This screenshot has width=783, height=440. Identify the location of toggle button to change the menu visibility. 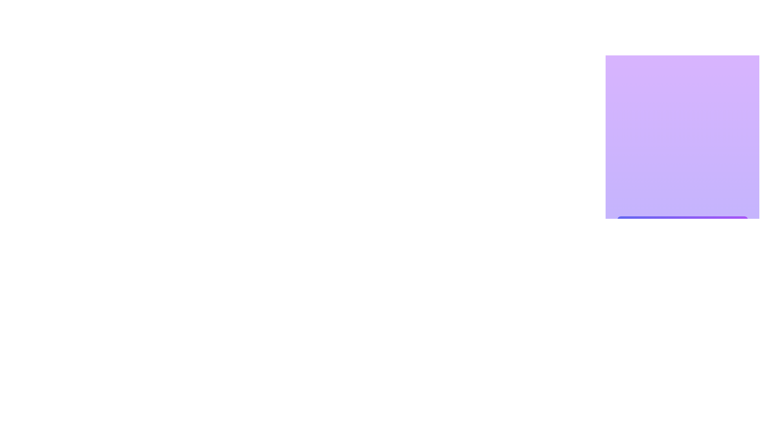
(736, 228).